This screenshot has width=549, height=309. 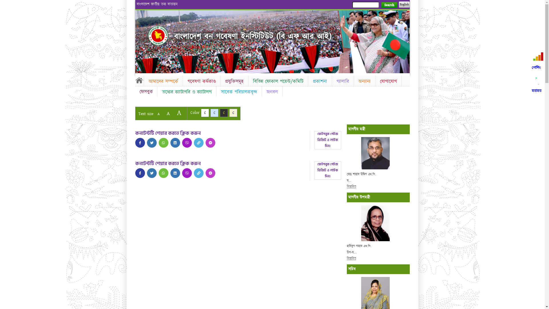 I want to click on 'C', so click(x=204, y=113).